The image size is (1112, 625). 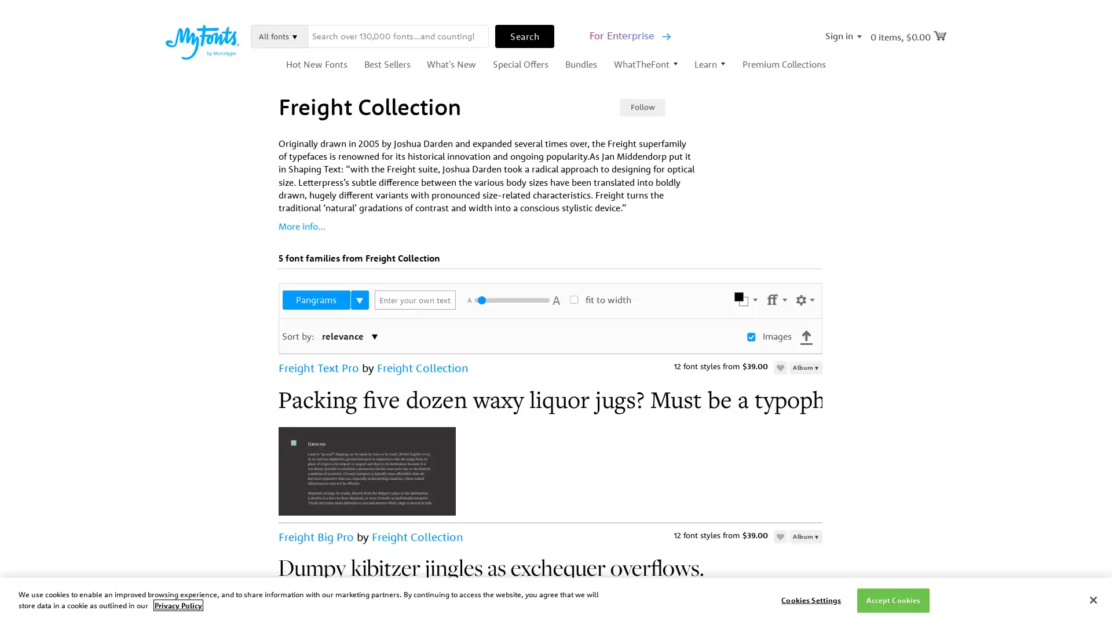 What do you see at coordinates (892, 600) in the screenshot?
I see `Accept Cookies` at bounding box center [892, 600].